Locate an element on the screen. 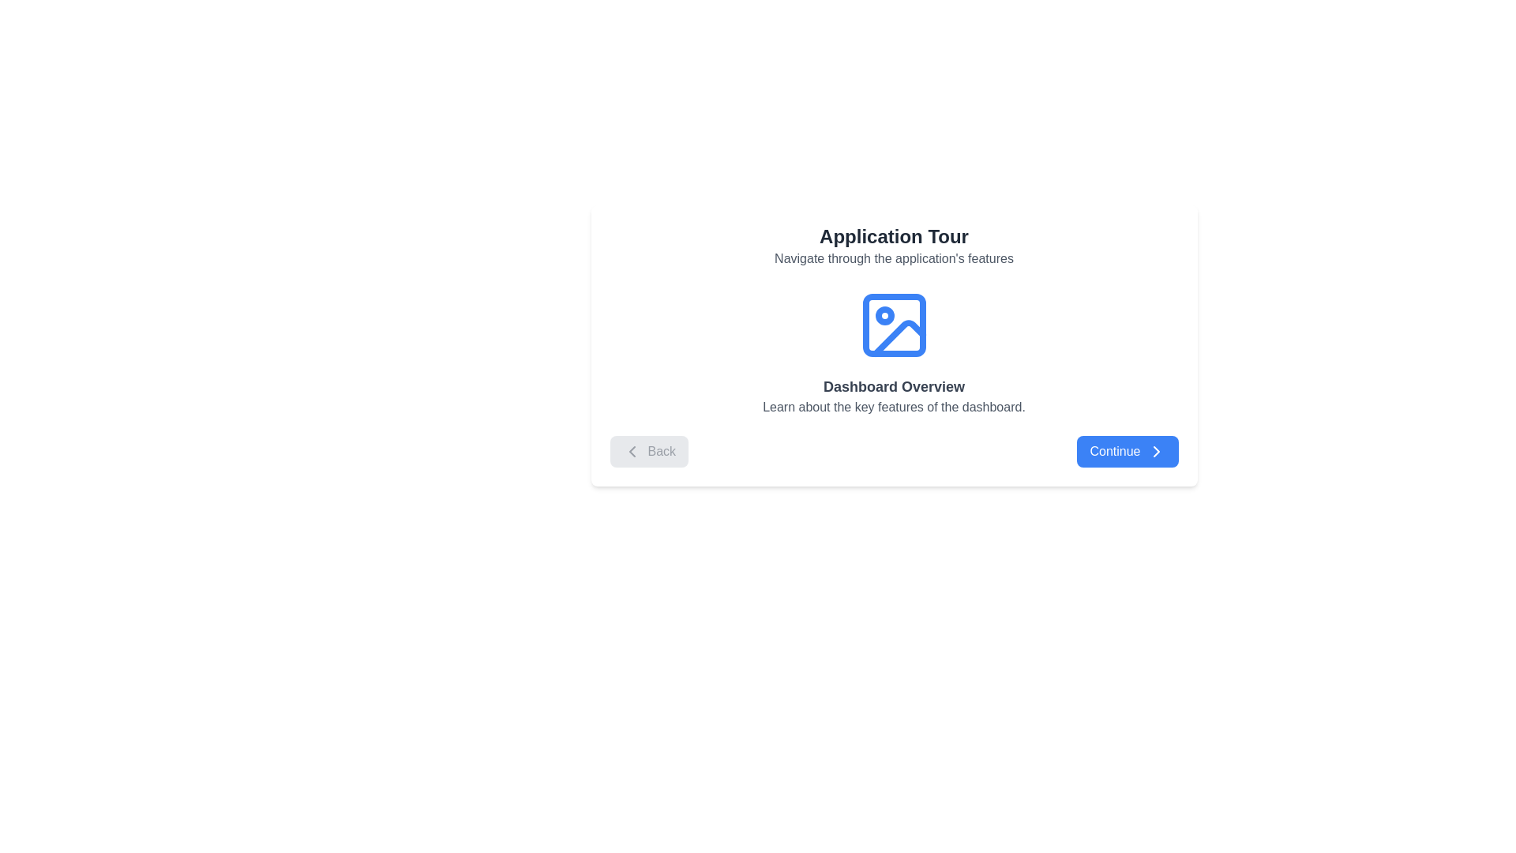  the 'Back' chevron icon located in the bottom left of the white dialog box is located at coordinates (632, 451).